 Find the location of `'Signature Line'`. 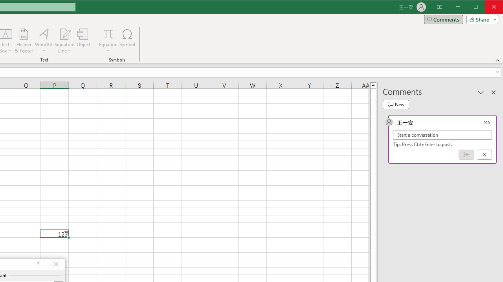

'Signature Line' is located at coordinates (64, 41).